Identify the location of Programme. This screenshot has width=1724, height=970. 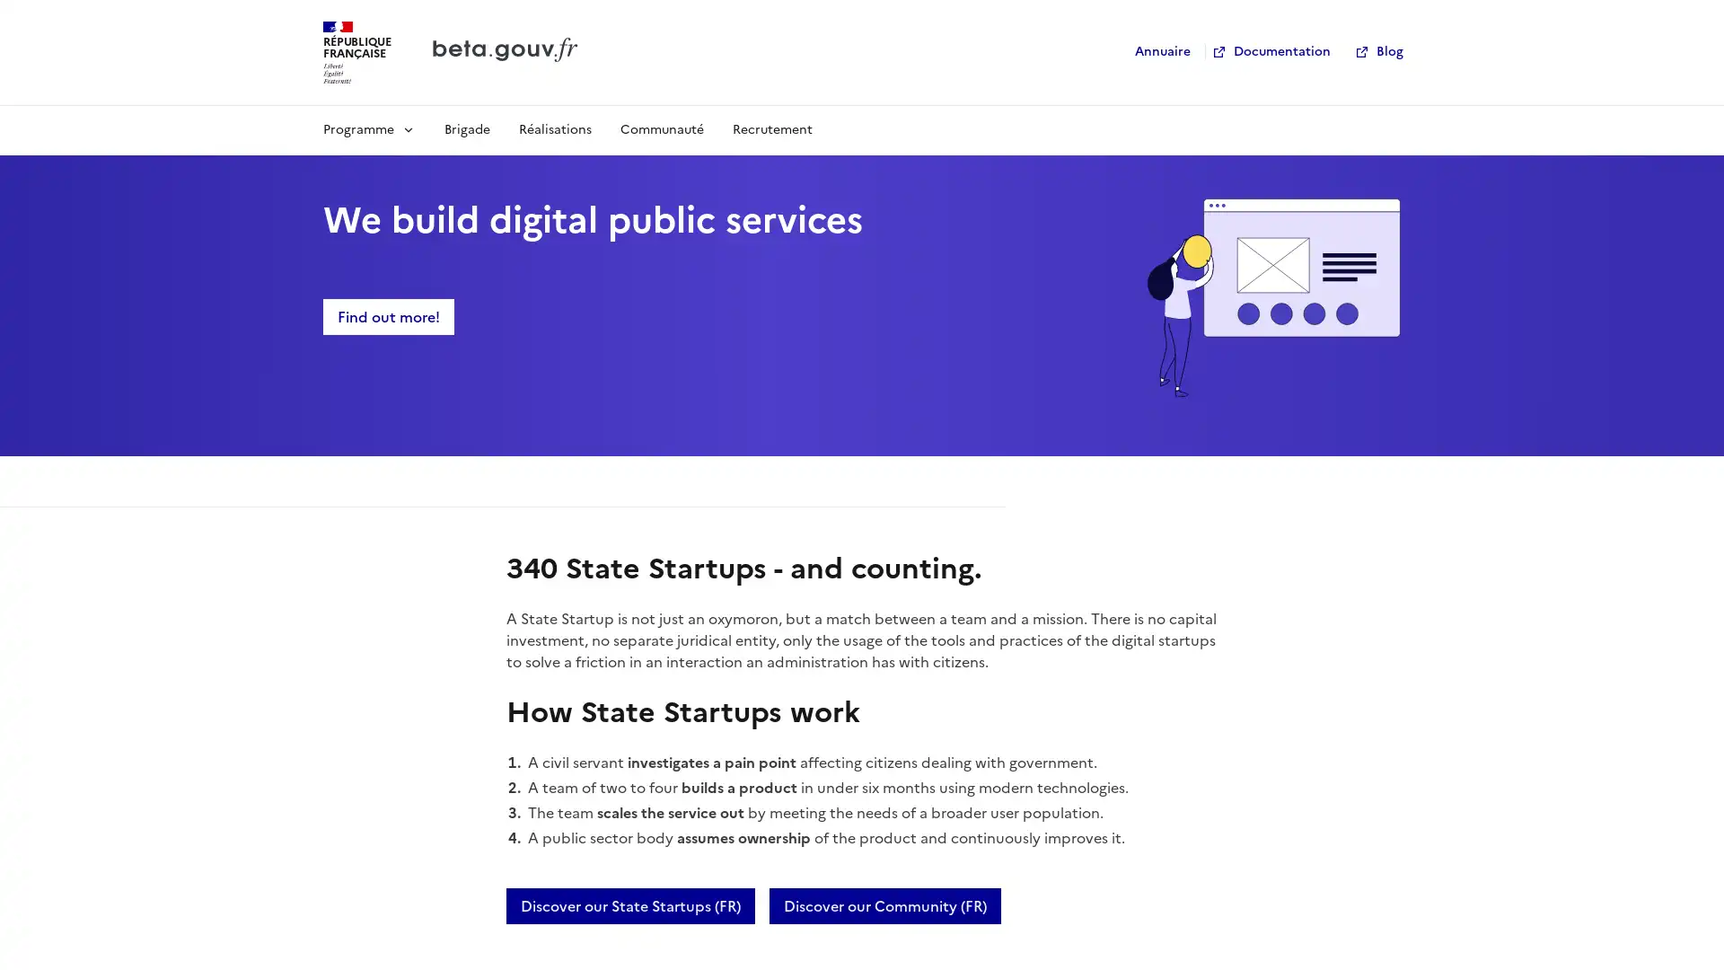
(368, 128).